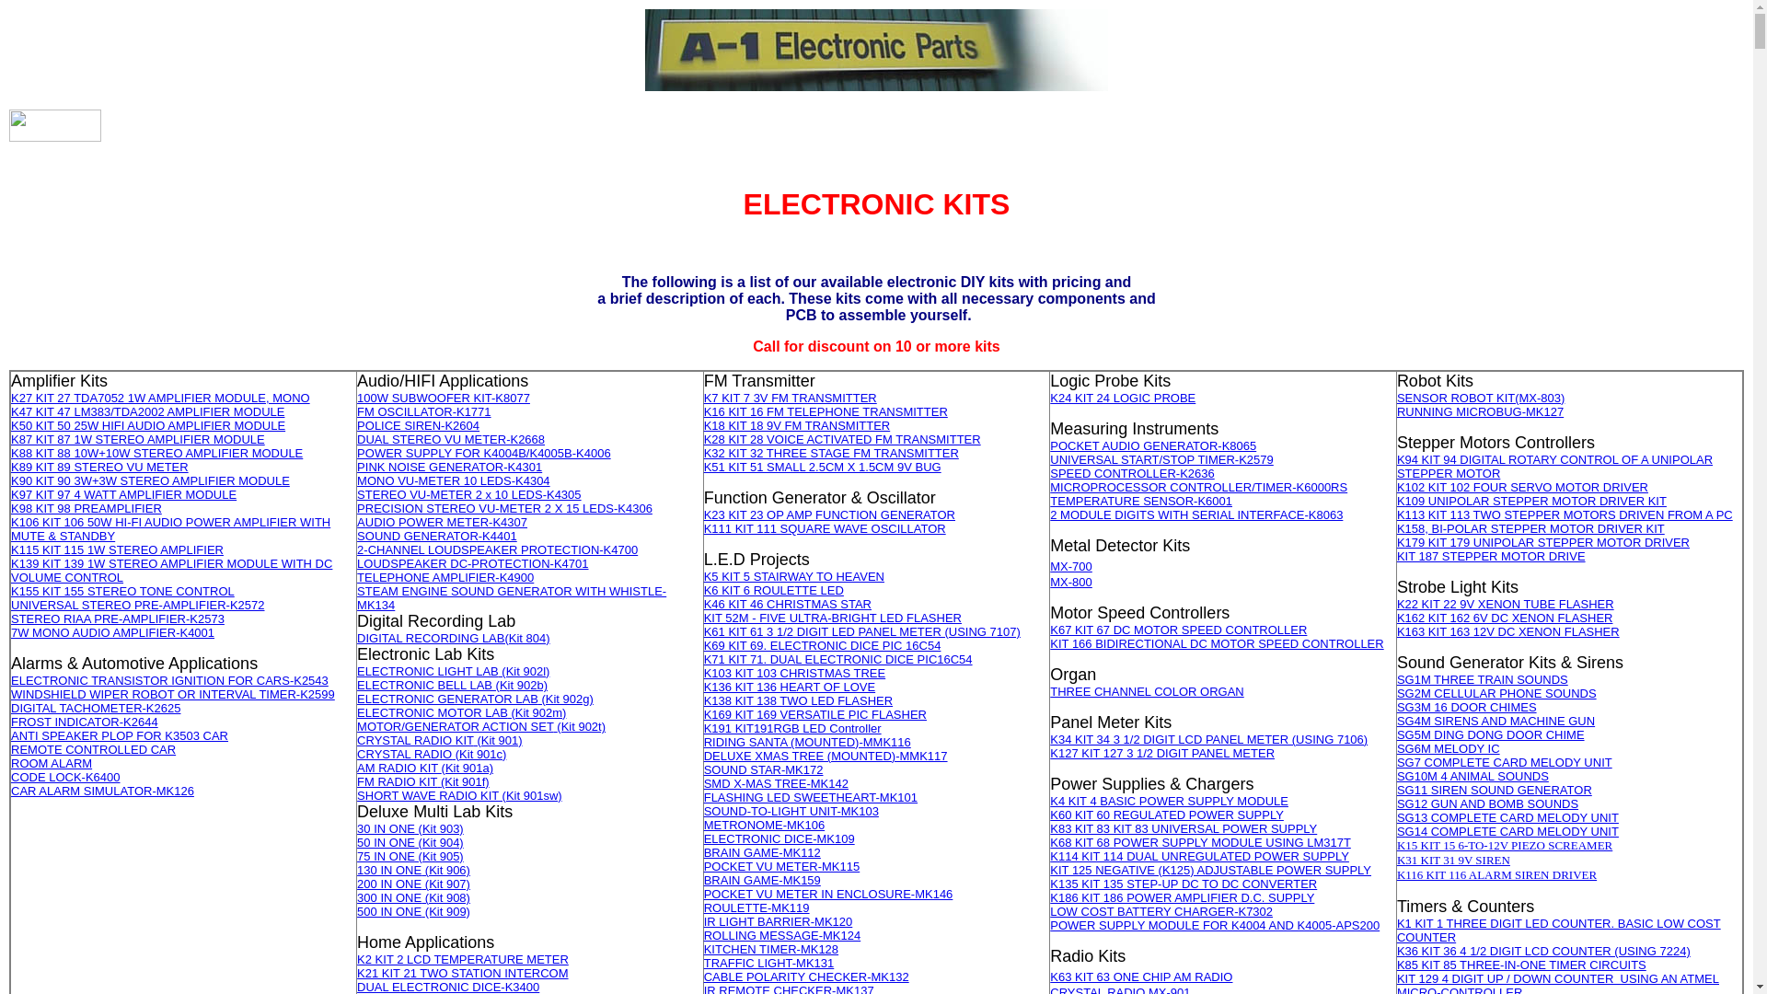 This screenshot has height=994, width=1767. What do you see at coordinates (443, 396) in the screenshot?
I see `'100W SUBWOOFER KIT-K8077'` at bounding box center [443, 396].